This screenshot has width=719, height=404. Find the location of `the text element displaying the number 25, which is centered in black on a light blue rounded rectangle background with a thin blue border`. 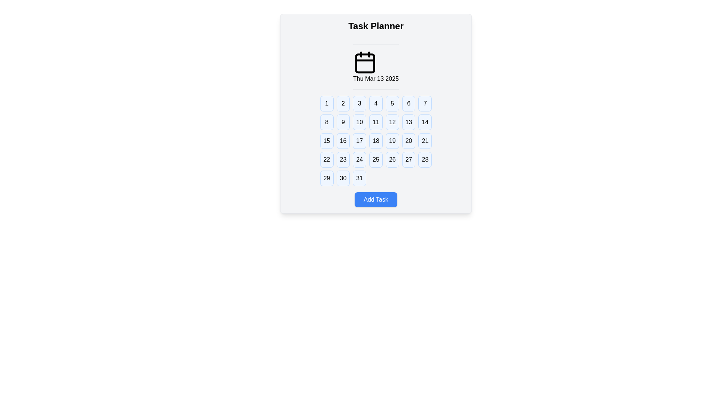

the text element displaying the number 25, which is centered in black on a light blue rounded rectangle background with a thin blue border is located at coordinates (376, 159).